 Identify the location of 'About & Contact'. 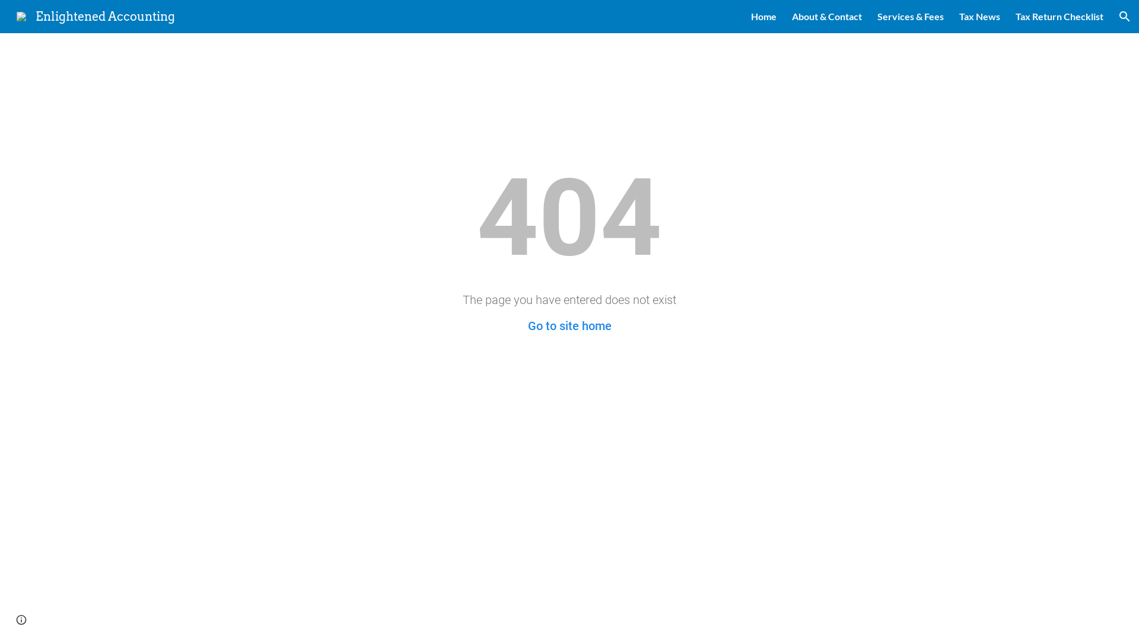
(791, 16).